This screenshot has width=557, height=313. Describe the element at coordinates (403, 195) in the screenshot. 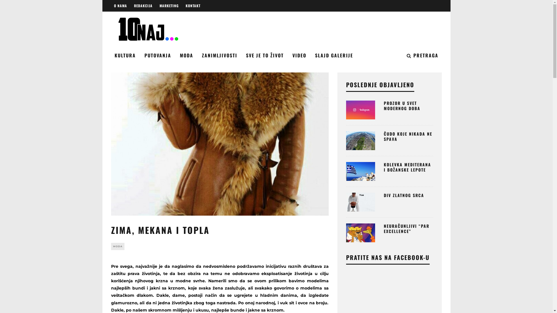

I see `'DIV ZLATNOG SRCA'` at that location.